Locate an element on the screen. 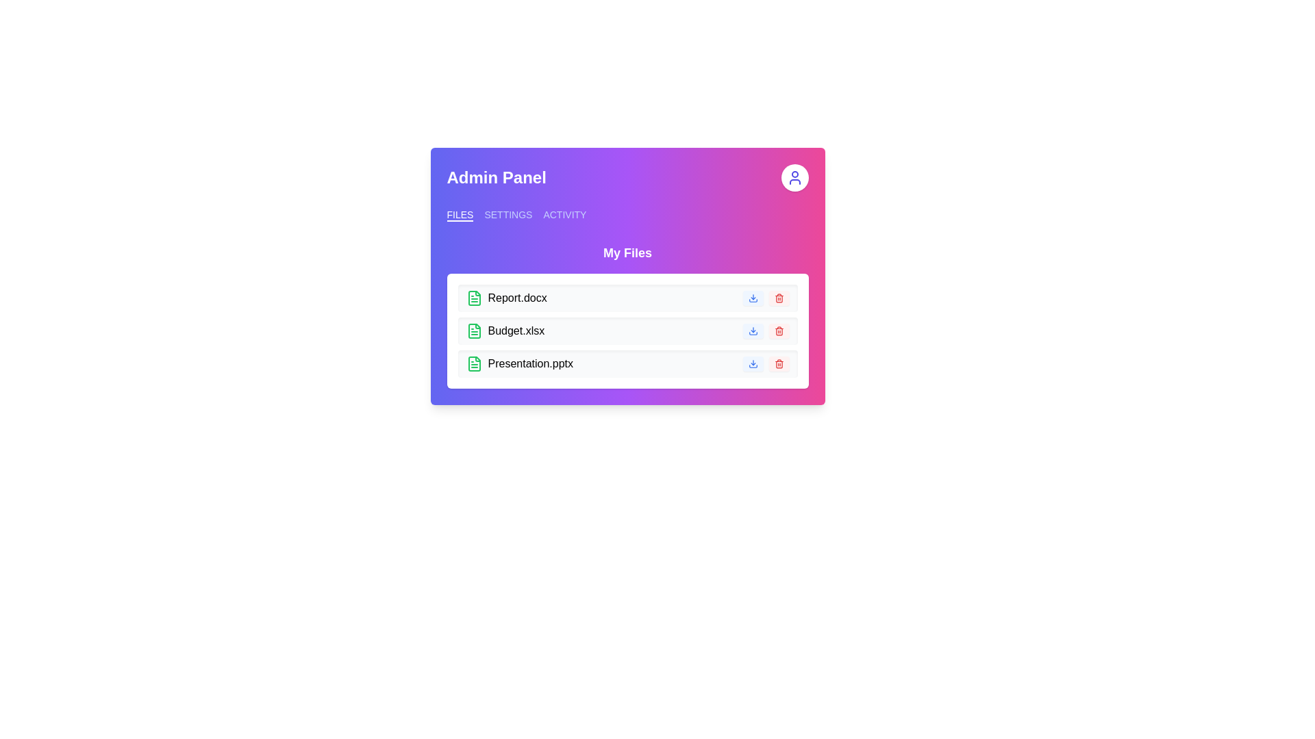  the trashcan icon located to the right of the file entry labeled 'Budget.xlsx' is located at coordinates (779, 297).